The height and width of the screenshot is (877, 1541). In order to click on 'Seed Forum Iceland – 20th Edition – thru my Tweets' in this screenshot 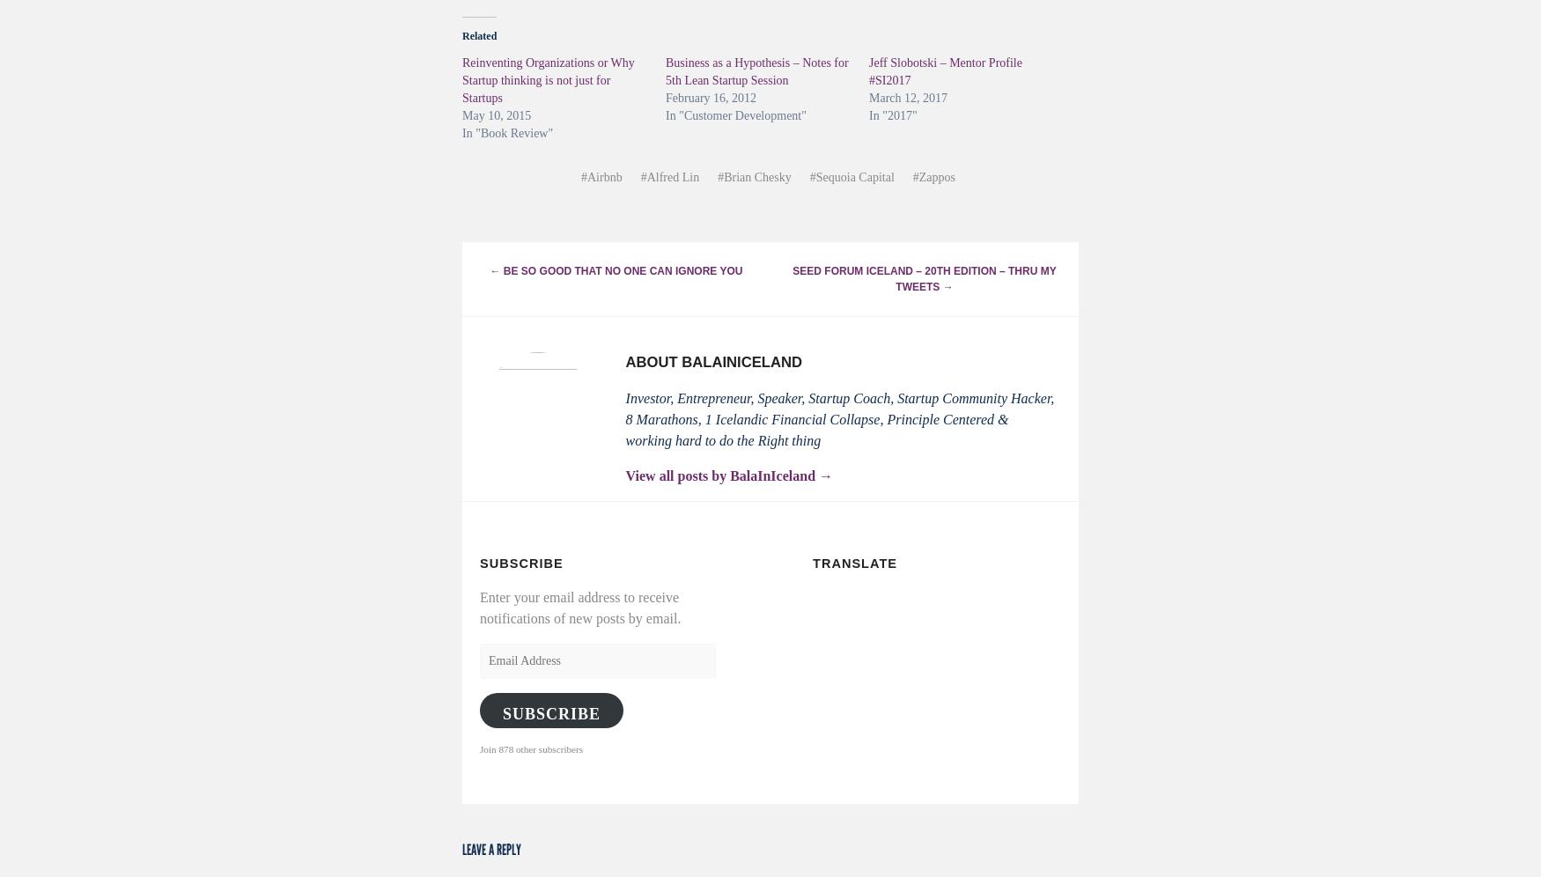, I will do `click(923, 277)`.